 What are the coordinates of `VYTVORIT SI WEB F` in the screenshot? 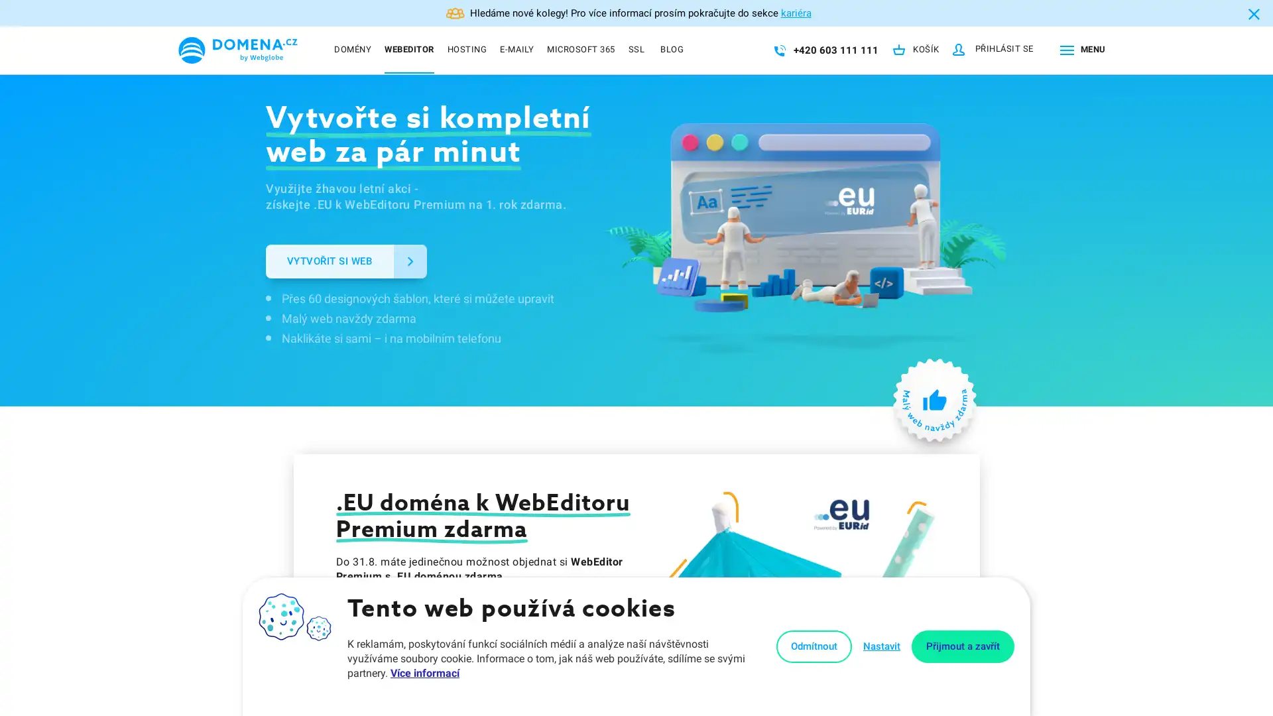 It's located at (346, 261).